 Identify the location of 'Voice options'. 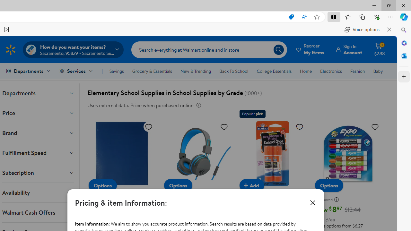
(362, 30).